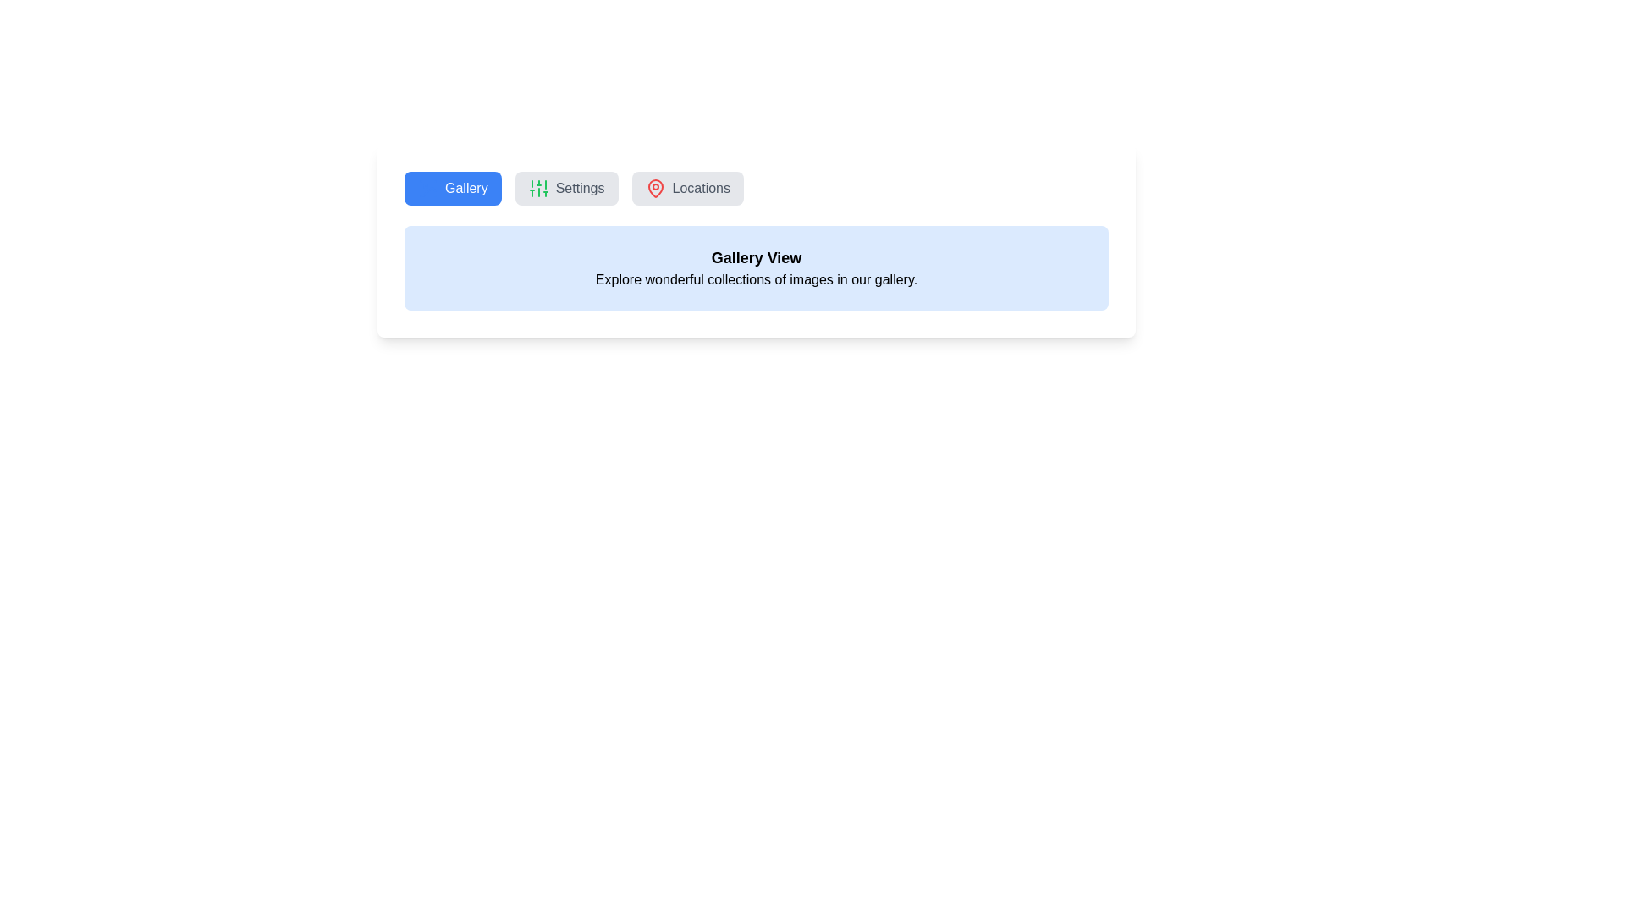 The image size is (1625, 914). I want to click on the tab Locations to observe its hover effect, so click(686, 189).